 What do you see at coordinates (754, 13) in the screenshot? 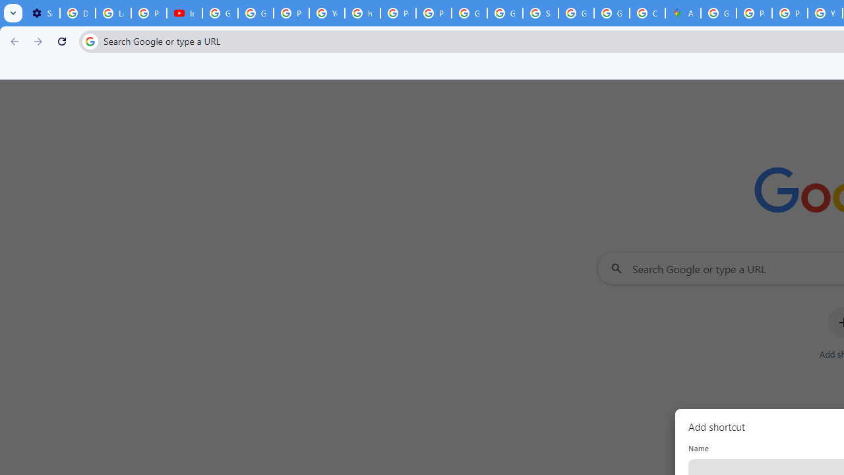
I see `'Privacy Help Center - Policies Help'` at bounding box center [754, 13].